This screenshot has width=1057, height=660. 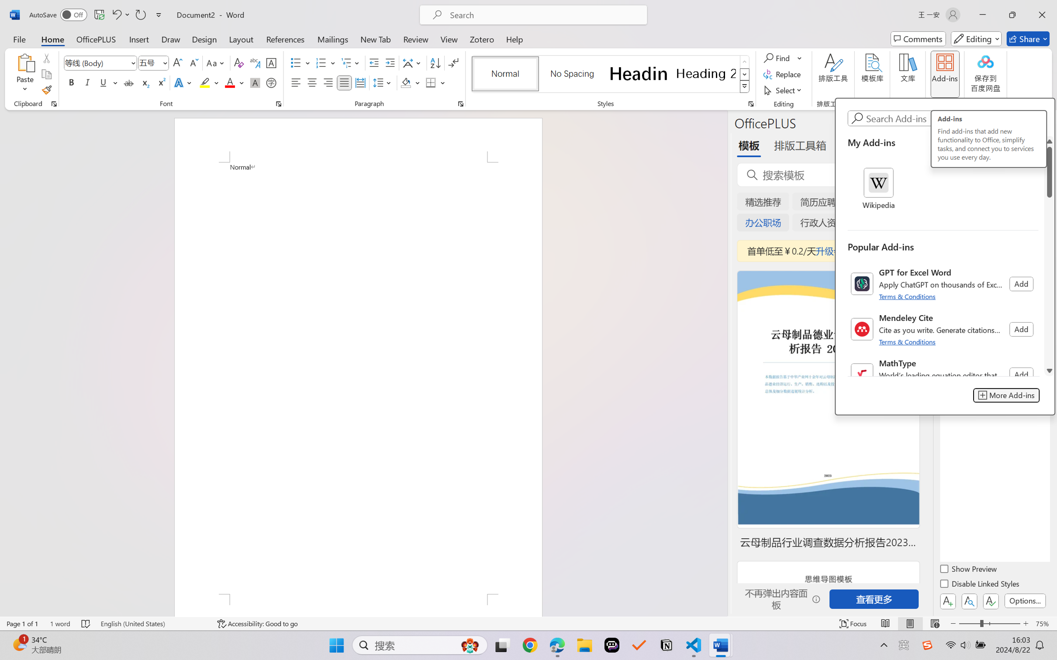 I want to click on 'Paragraph...', so click(x=460, y=103).